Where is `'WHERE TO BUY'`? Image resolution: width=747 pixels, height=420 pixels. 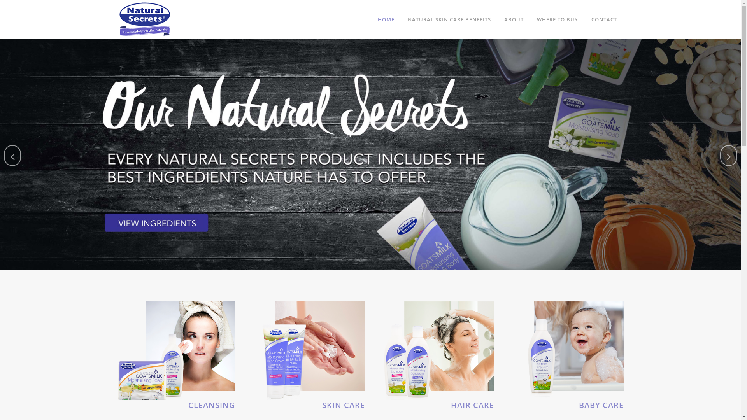 'WHERE TO BUY' is located at coordinates (530, 19).